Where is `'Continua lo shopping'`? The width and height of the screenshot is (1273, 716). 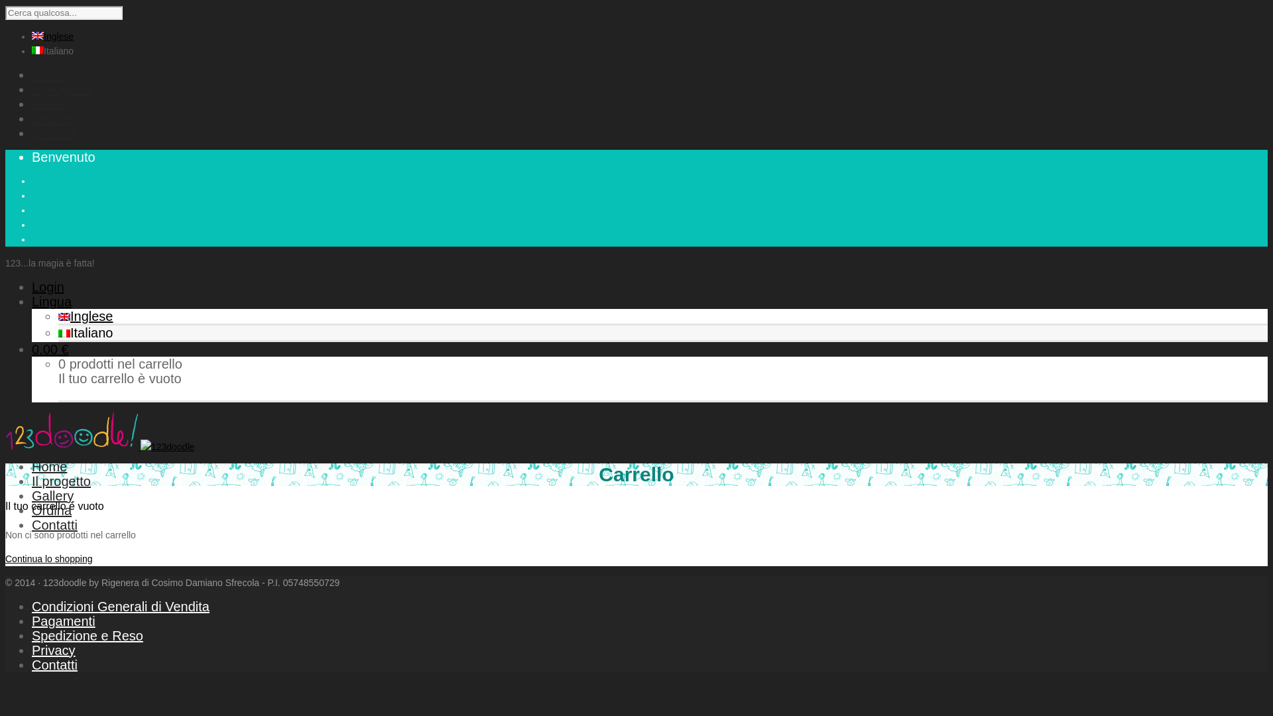 'Continua lo shopping' is located at coordinates (48, 559).